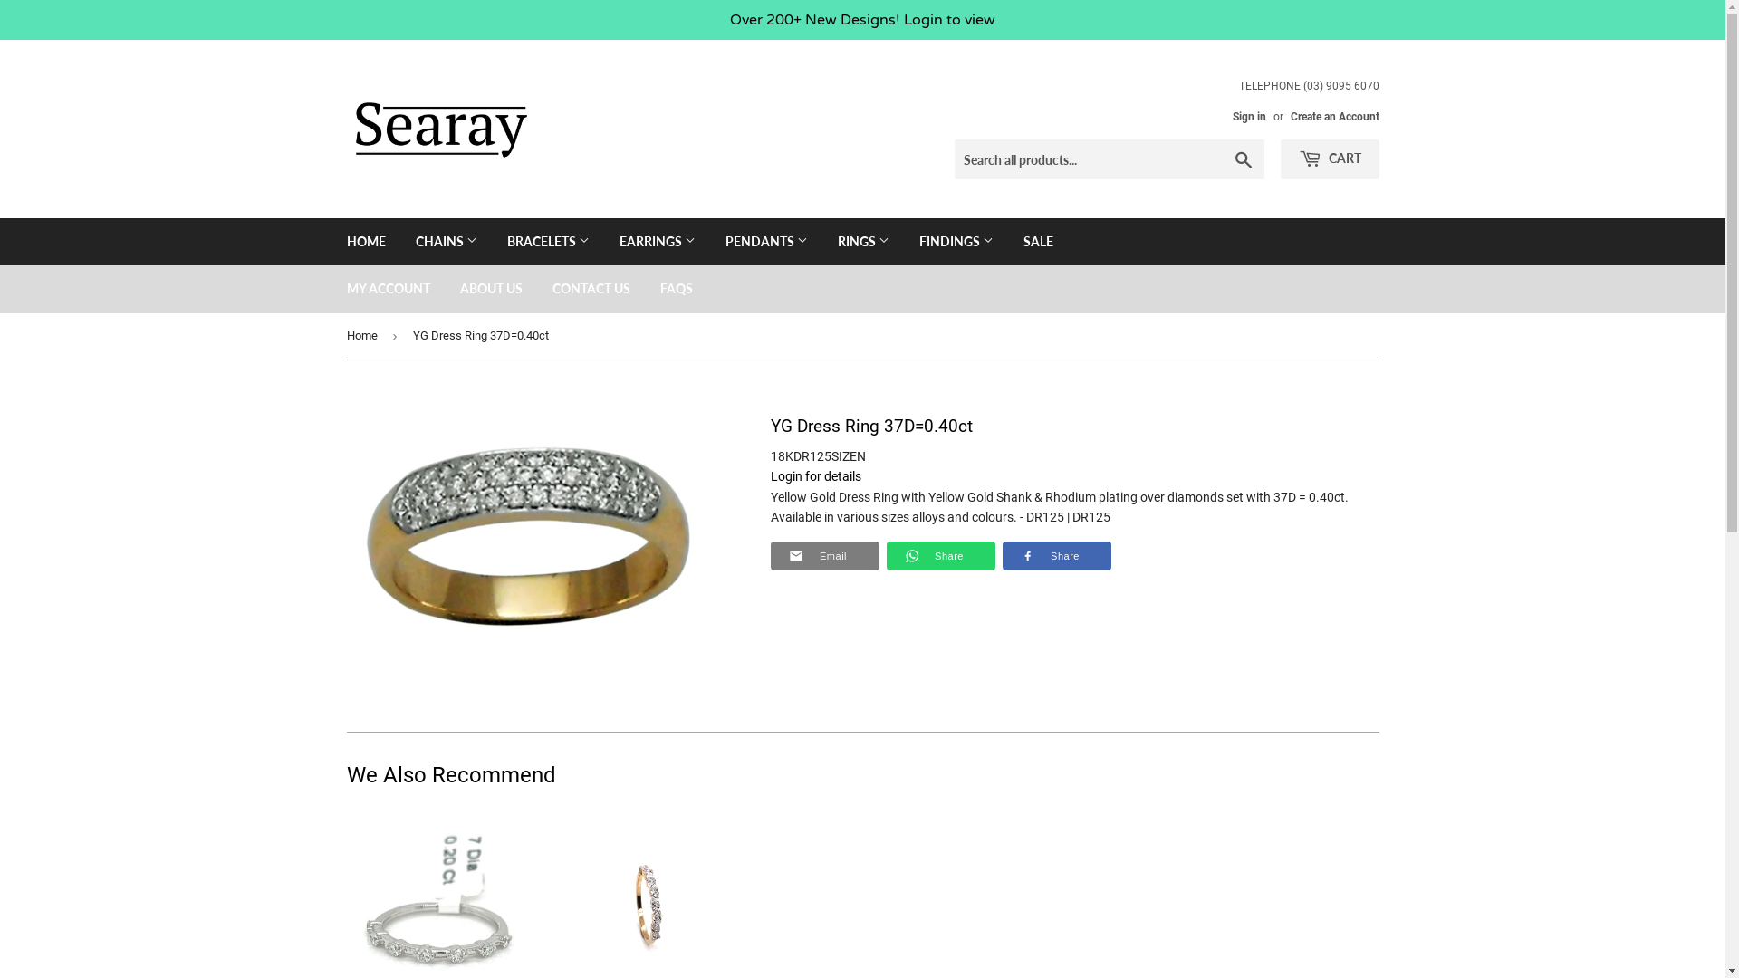  What do you see at coordinates (1330, 158) in the screenshot?
I see `'CART'` at bounding box center [1330, 158].